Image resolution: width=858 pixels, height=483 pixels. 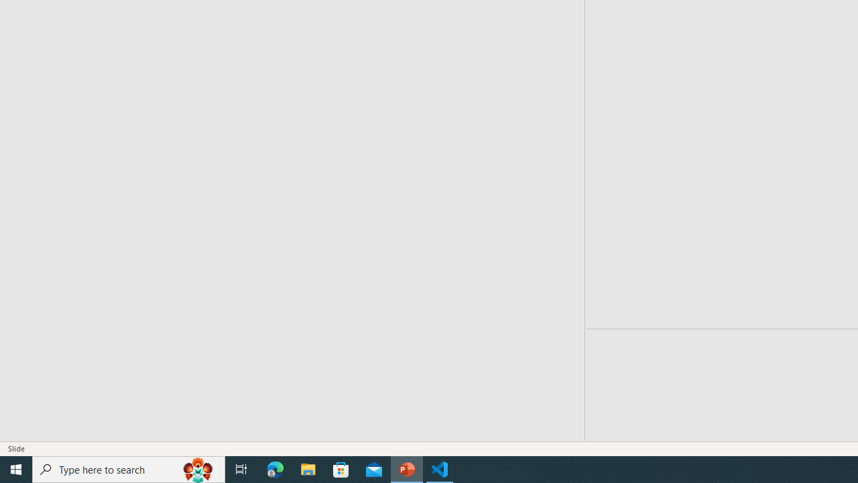 I want to click on 'Microsoft Edge', so click(x=275, y=468).